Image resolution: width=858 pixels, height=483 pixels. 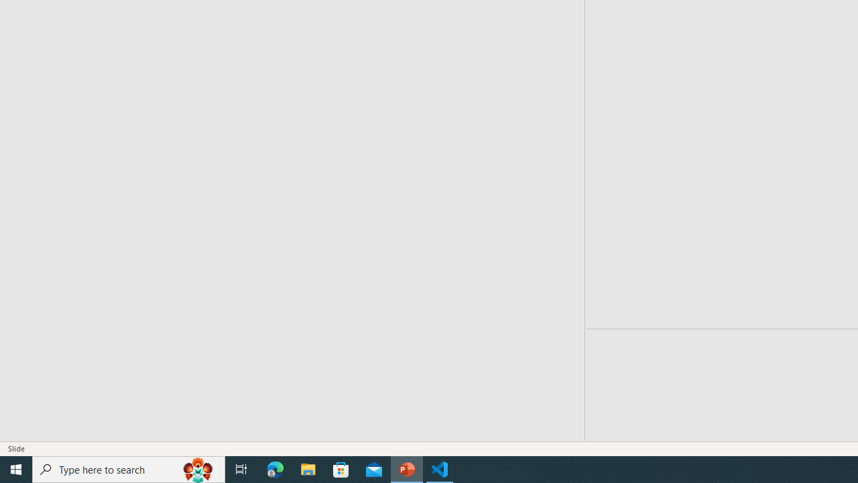 I want to click on 'Microsoft Edge', so click(x=275, y=468).